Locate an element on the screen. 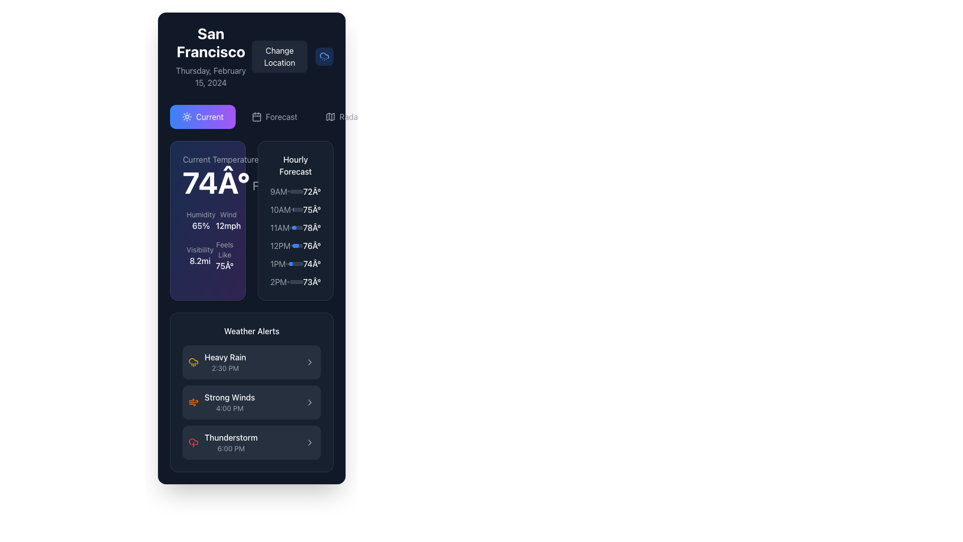 The height and width of the screenshot is (542, 963). the 'Visibility' text display field, which shows the value '8.2mi' in bold white text and is located in the bottom-left section of the weather information card is located at coordinates (193, 255).